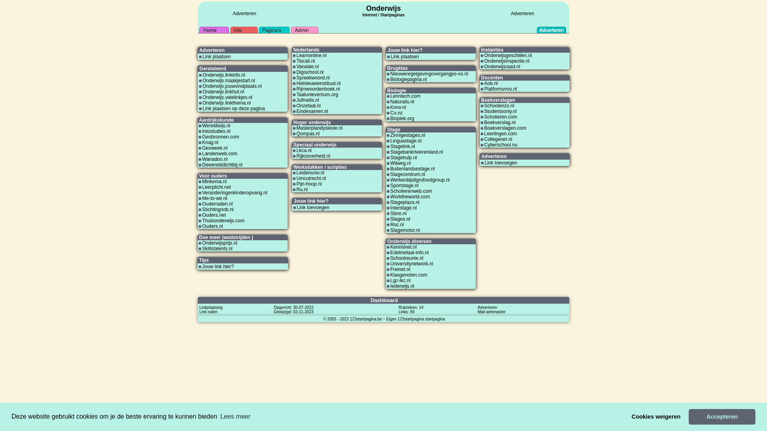 This screenshot has height=431, width=767. What do you see at coordinates (390, 197) in the screenshot?
I see `'Worktheworld.com'` at bounding box center [390, 197].